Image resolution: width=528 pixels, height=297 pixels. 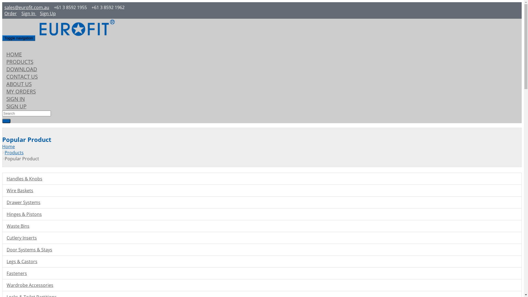 I want to click on 'CONTACT US', so click(x=22, y=76).